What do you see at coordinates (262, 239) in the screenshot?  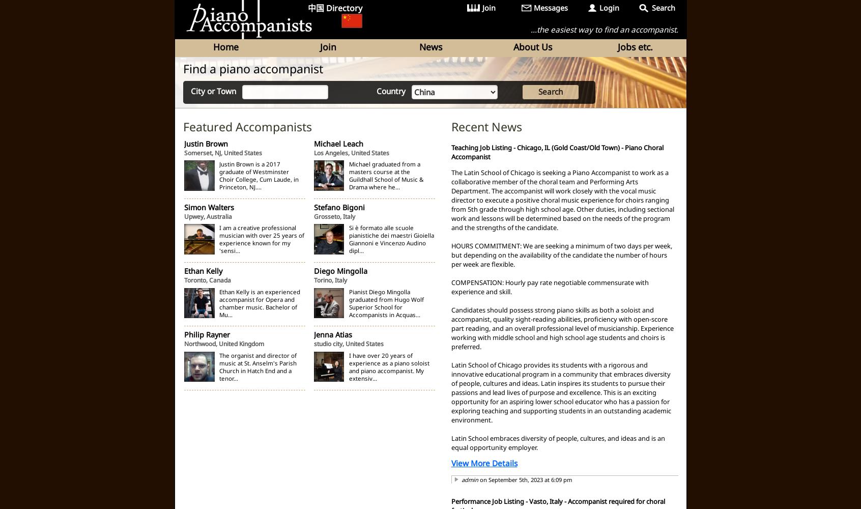 I see `'I am a creative professional musician with over 25 years of experience known for my 'sensi...'` at bounding box center [262, 239].